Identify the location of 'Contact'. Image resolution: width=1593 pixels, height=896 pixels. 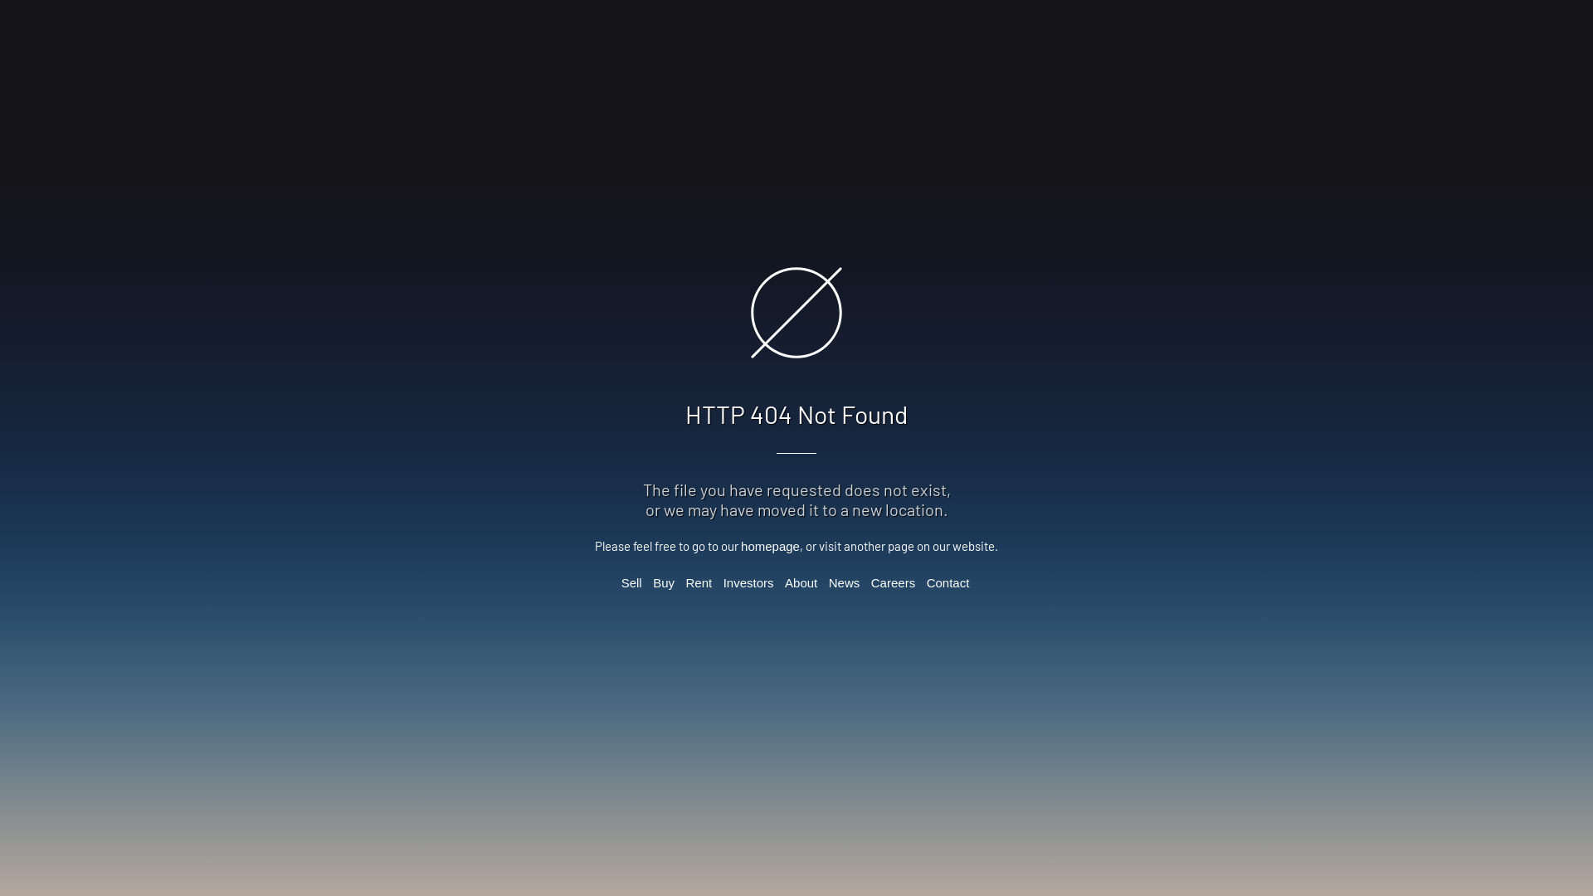
(948, 582).